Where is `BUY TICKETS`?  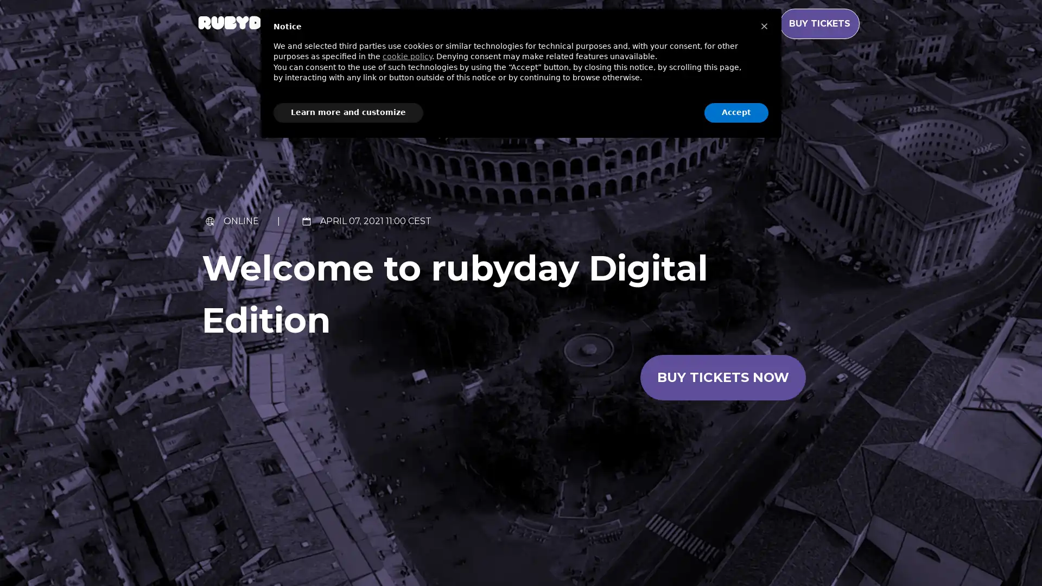 BUY TICKETS is located at coordinates (819, 23).